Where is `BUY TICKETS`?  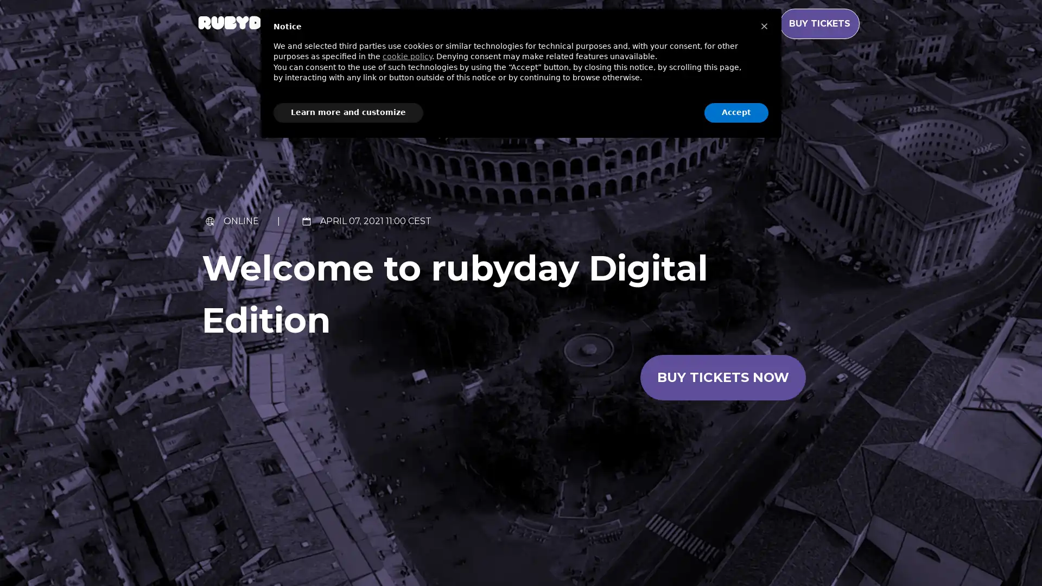 BUY TICKETS is located at coordinates (819, 23).